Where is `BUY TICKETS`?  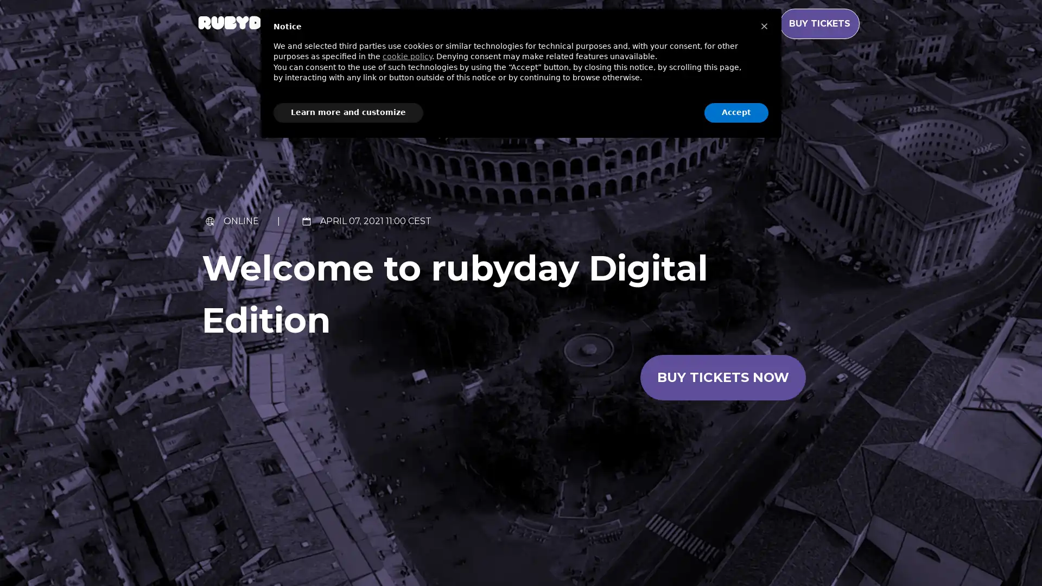 BUY TICKETS is located at coordinates (819, 23).